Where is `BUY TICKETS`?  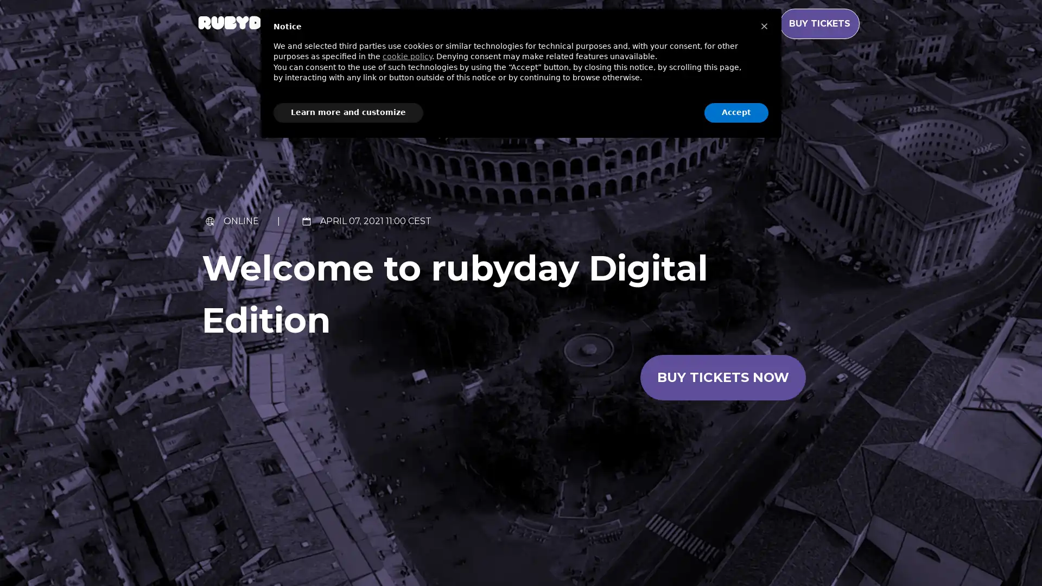 BUY TICKETS is located at coordinates (819, 23).